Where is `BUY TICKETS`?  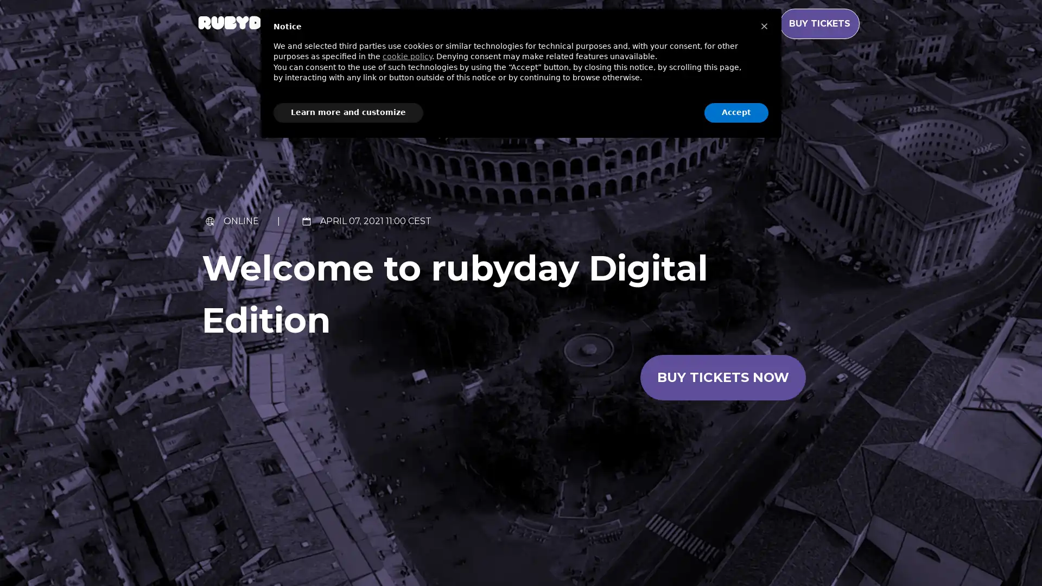 BUY TICKETS is located at coordinates (819, 23).